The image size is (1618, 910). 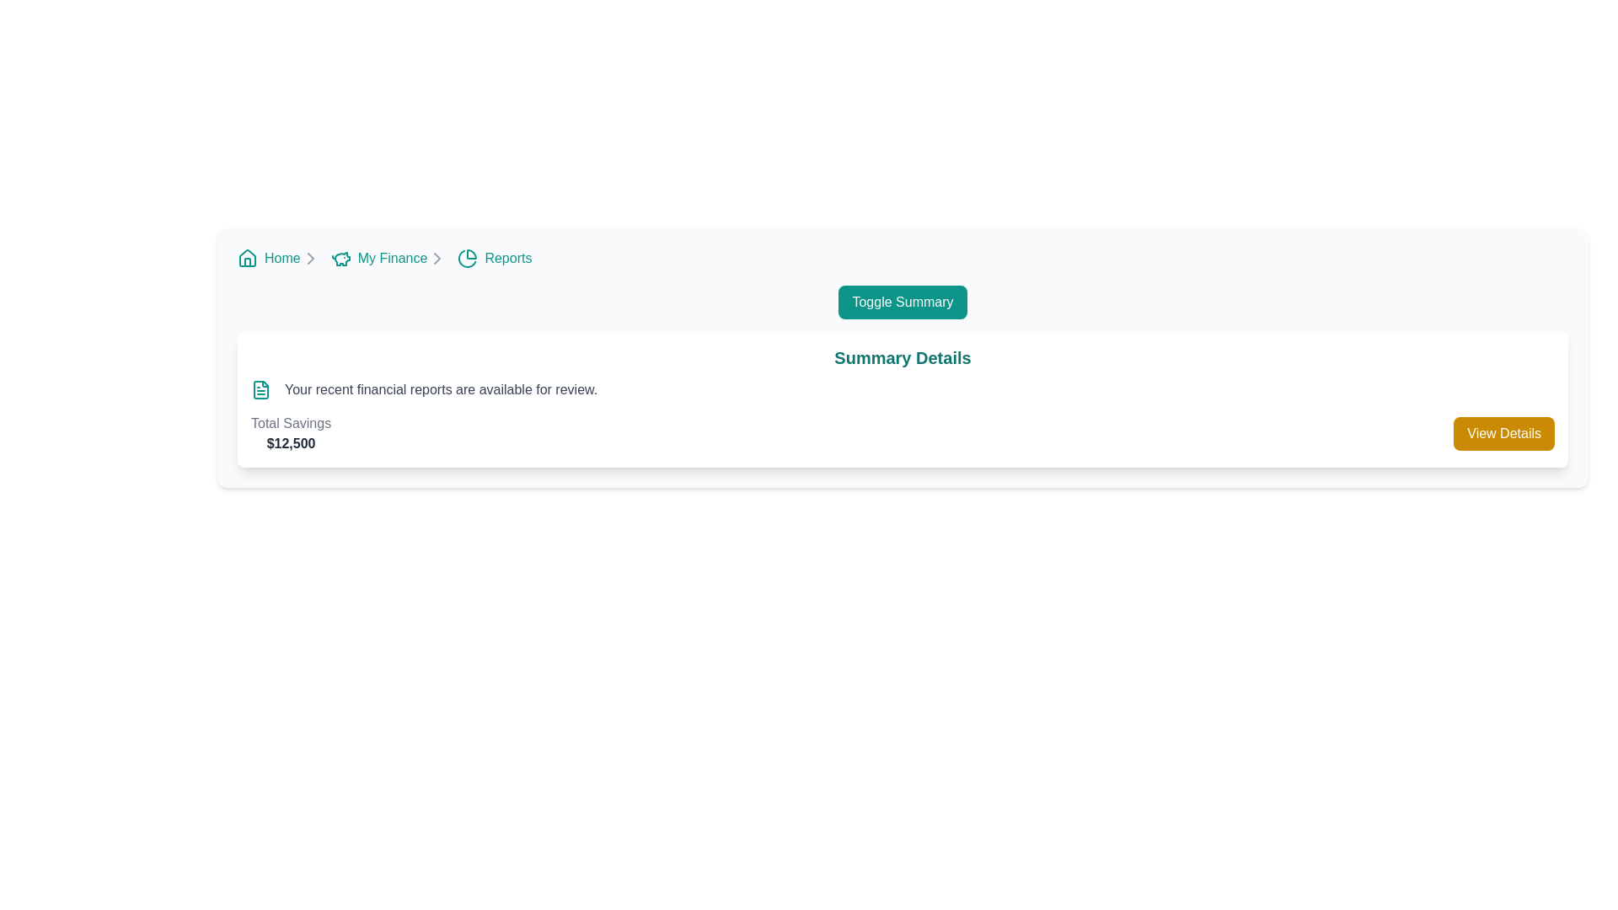 What do you see at coordinates (341, 259) in the screenshot?
I see `the 'My Finance' icon in the breadcrumb navigation bar` at bounding box center [341, 259].